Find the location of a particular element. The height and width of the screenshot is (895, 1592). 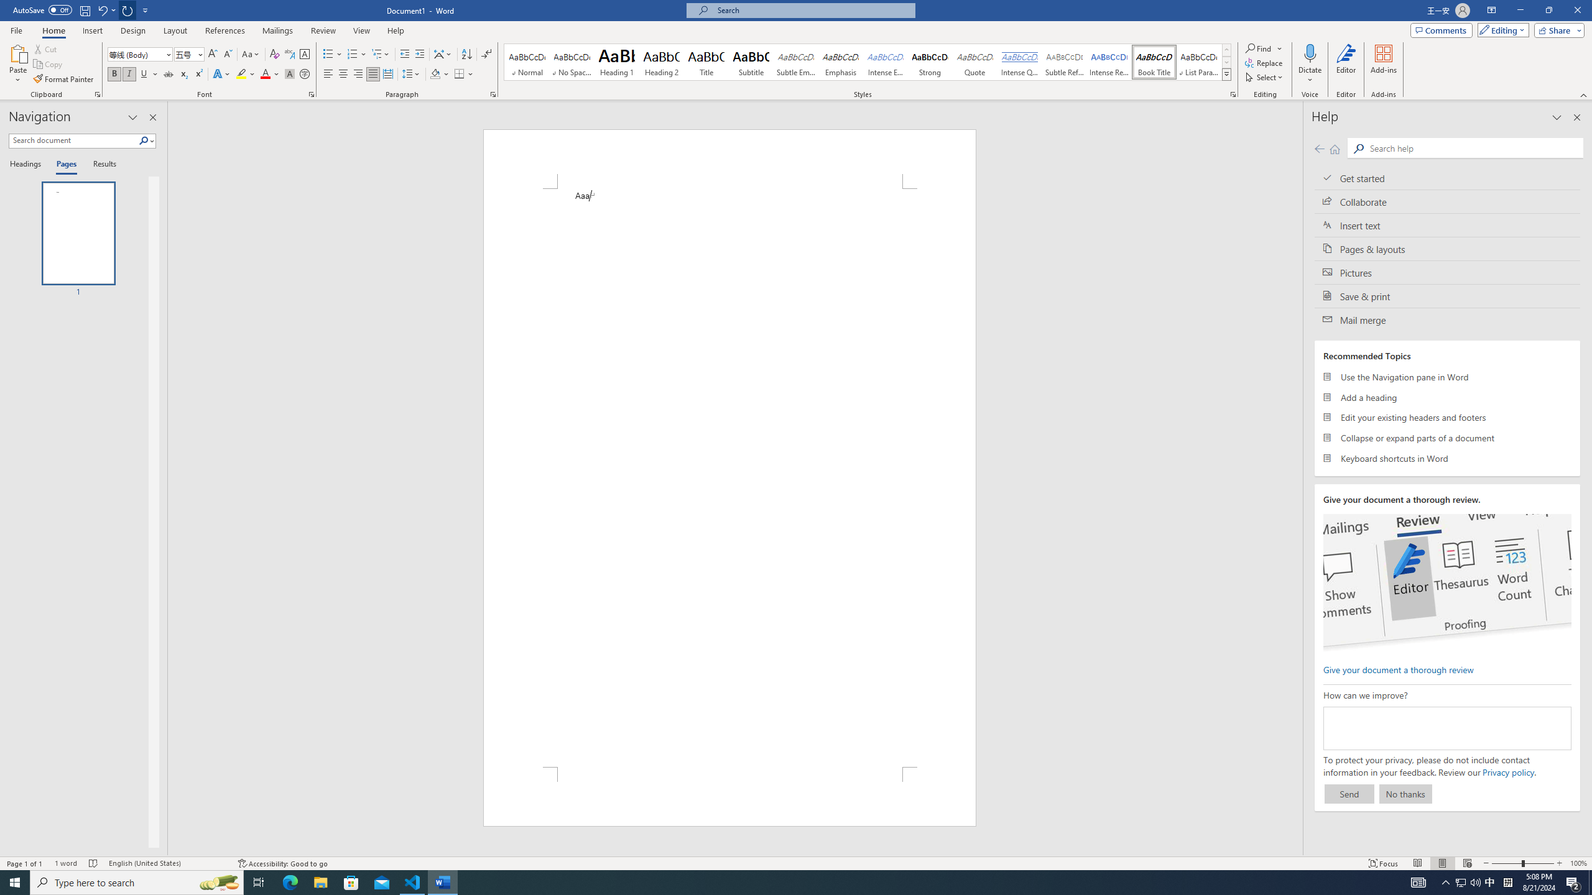

'Strikethrough' is located at coordinates (168, 73).